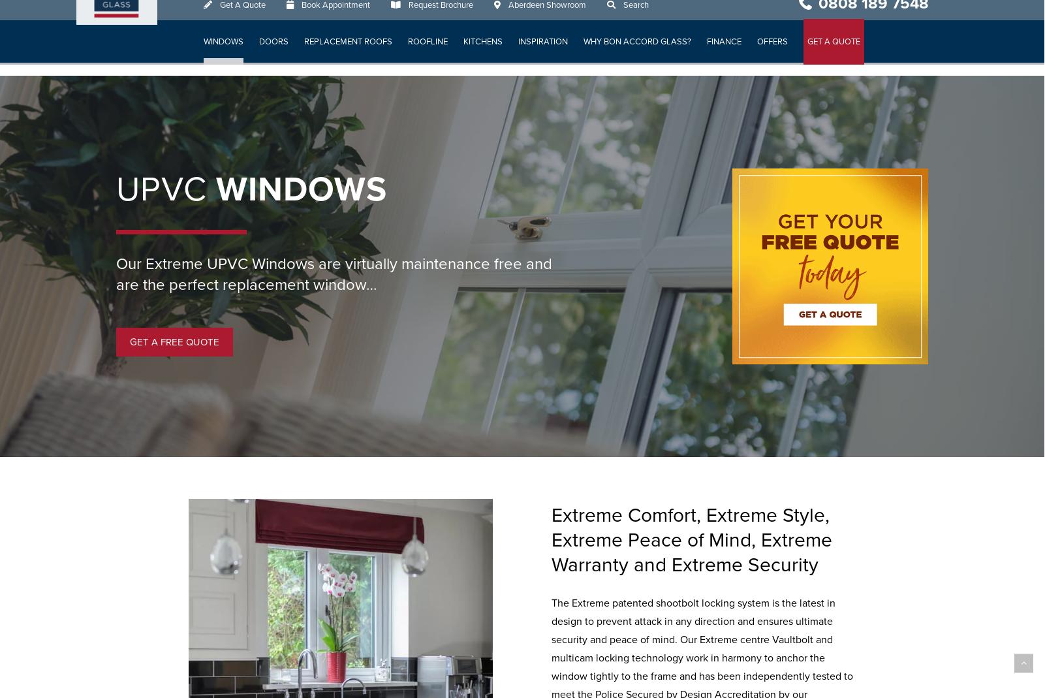 The height and width of the screenshot is (698, 1045). What do you see at coordinates (116, 189) in the screenshot?
I see `'UPVC'` at bounding box center [116, 189].